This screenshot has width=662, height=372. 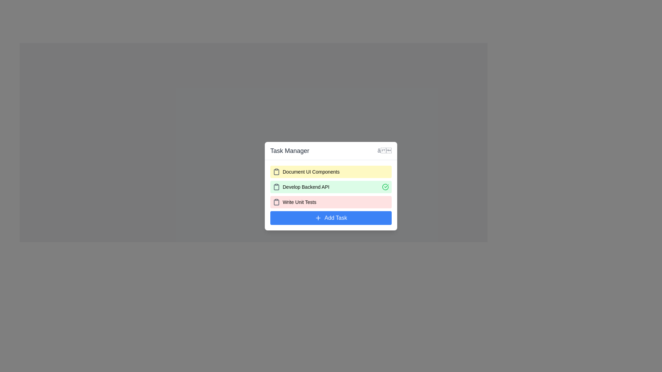 I want to click on task name 'Write Unit Tests' from the task item display, which is a rectangular block with a light red background, featuring a clipboard icon on the left and bold text on the right, so click(x=331, y=201).